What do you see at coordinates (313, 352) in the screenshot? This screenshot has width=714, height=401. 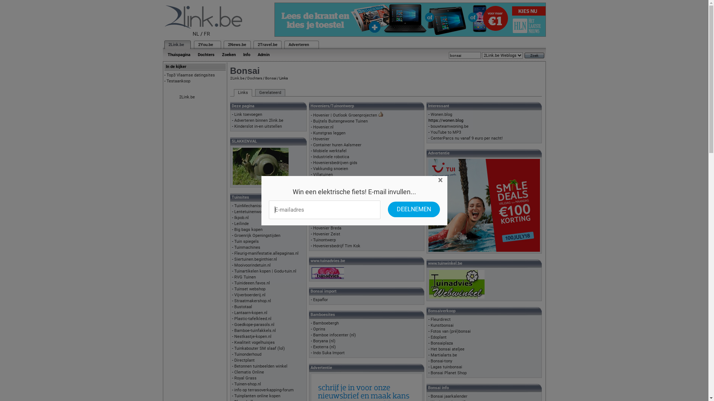 I see `'Indo Suka Import'` at bounding box center [313, 352].